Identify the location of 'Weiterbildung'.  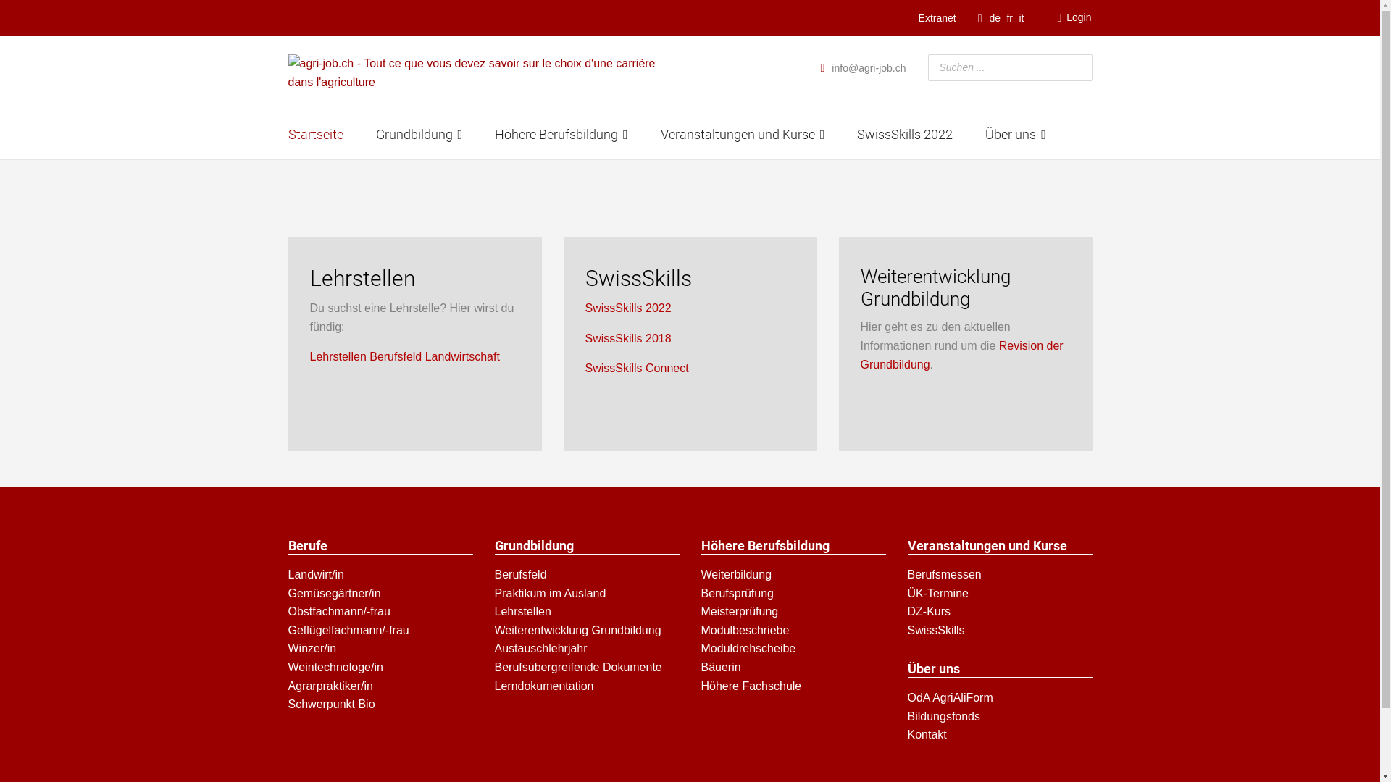
(793, 574).